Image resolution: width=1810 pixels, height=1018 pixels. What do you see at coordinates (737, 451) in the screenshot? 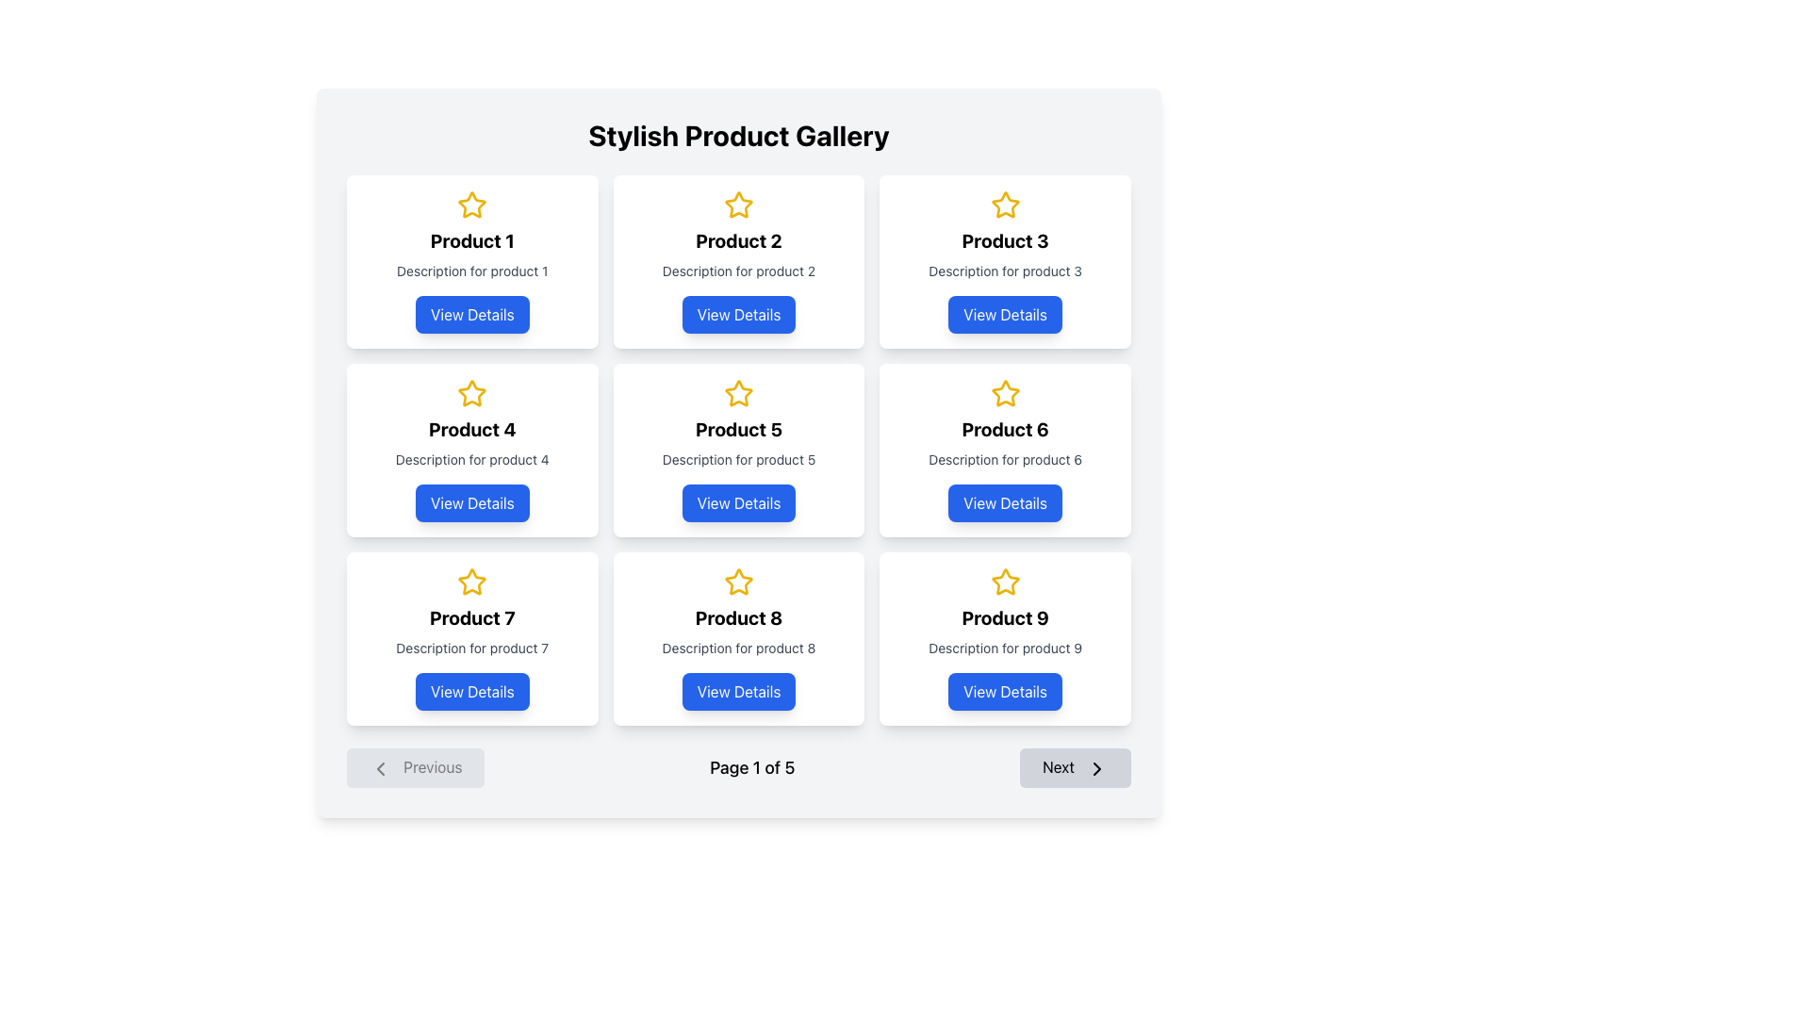
I see `details about the product by clicking on the product card located in the second row and second column of the grid layout` at bounding box center [737, 451].